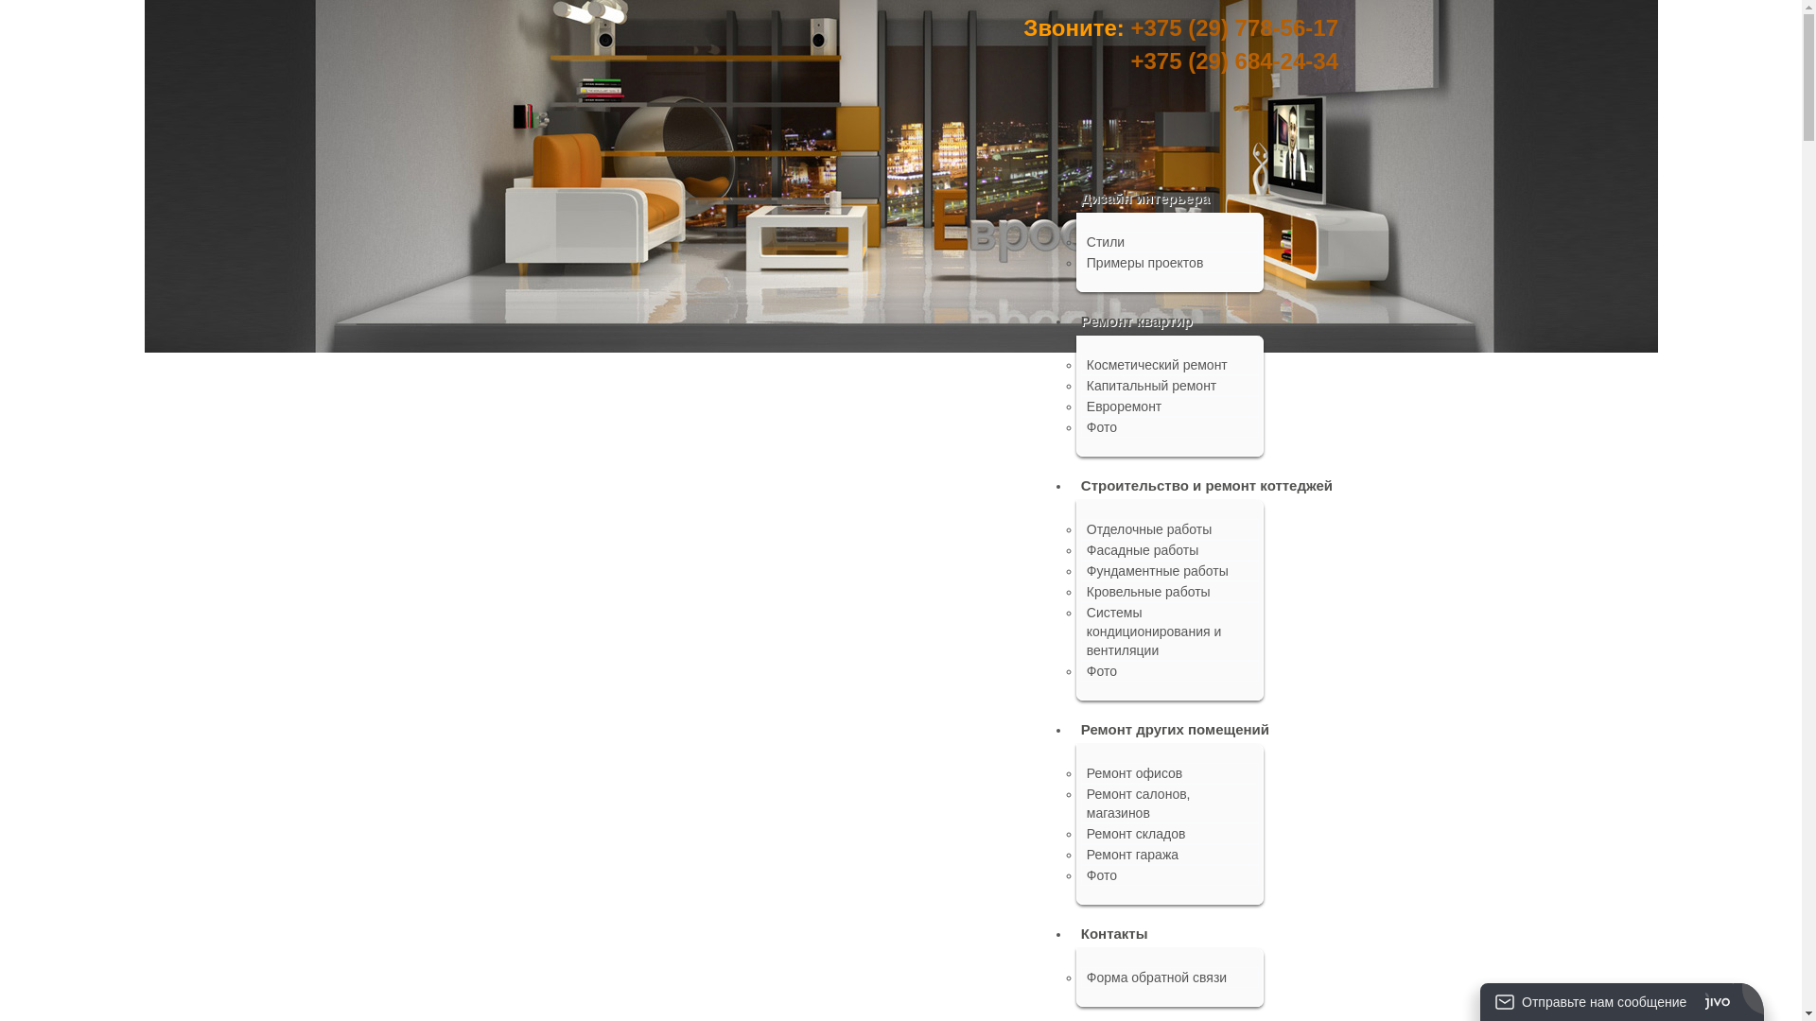  Describe the element at coordinates (1234, 60) in the screenshot. I see `'+375 (29) 684-24-34'` at that location.